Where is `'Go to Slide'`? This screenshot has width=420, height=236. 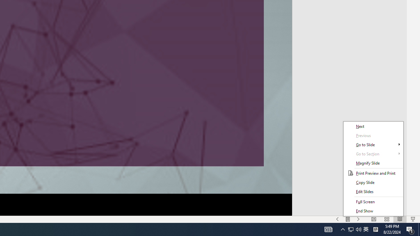 'Go to Slide' is located at coordinates (373, 144).